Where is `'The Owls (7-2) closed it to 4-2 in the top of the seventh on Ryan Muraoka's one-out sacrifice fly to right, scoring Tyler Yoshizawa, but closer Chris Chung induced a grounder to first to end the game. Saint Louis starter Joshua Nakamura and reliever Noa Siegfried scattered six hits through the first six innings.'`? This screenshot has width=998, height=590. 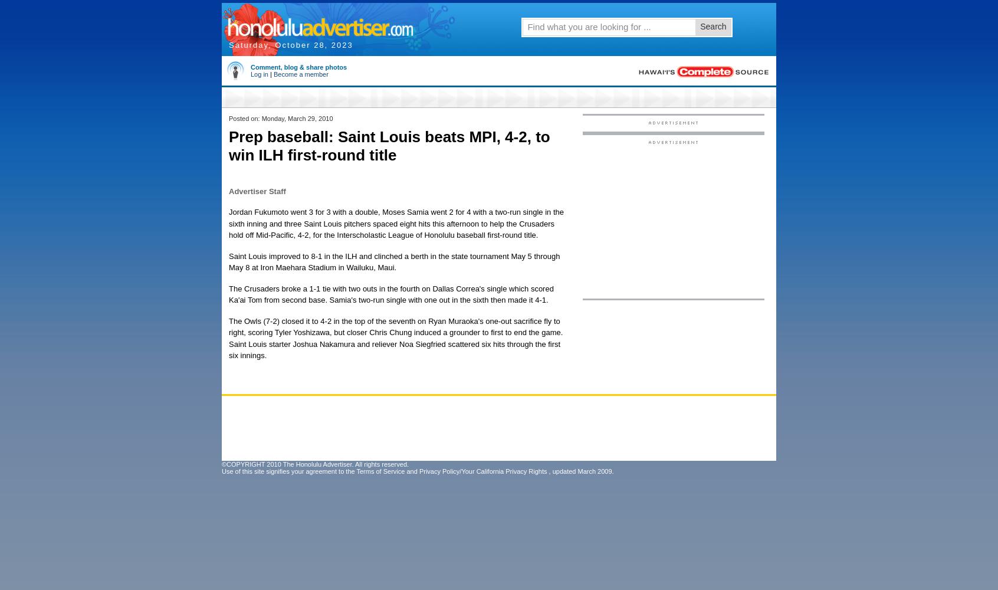 'The Owls (7-2) closed it to 4-2 in the top of the seventh on Ryan Muraoka's one-out sacrifice fly to right, scoring Tyler Yoshizawa, but closer Chris Chung induced a grounder to first to end the game. Saint Louis starter Joshua Nakamura and reliever Noa Siegfried scattered six hits through the first six innings.' is located at coordinates (396, 337).